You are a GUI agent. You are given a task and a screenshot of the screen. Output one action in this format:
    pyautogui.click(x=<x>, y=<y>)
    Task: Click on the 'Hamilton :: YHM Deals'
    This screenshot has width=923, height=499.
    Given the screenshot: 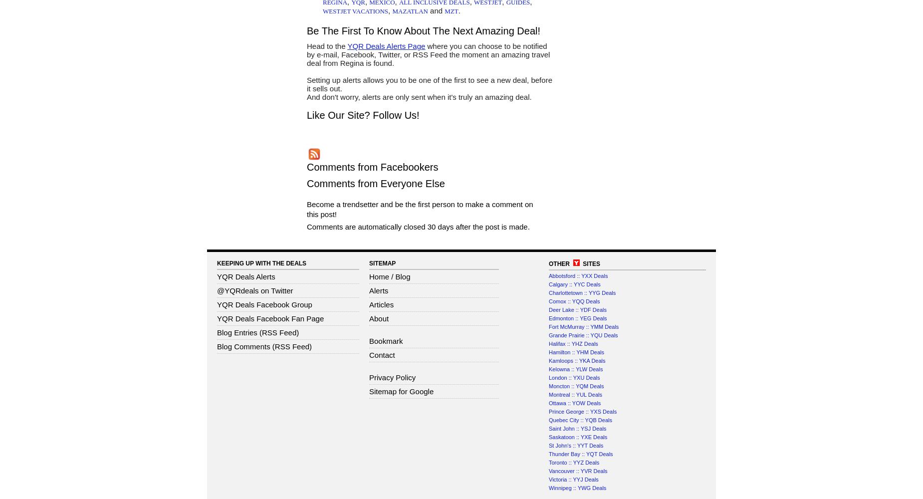 What is the action you would take?
    pyautogui.click(x=576, y=352)
    